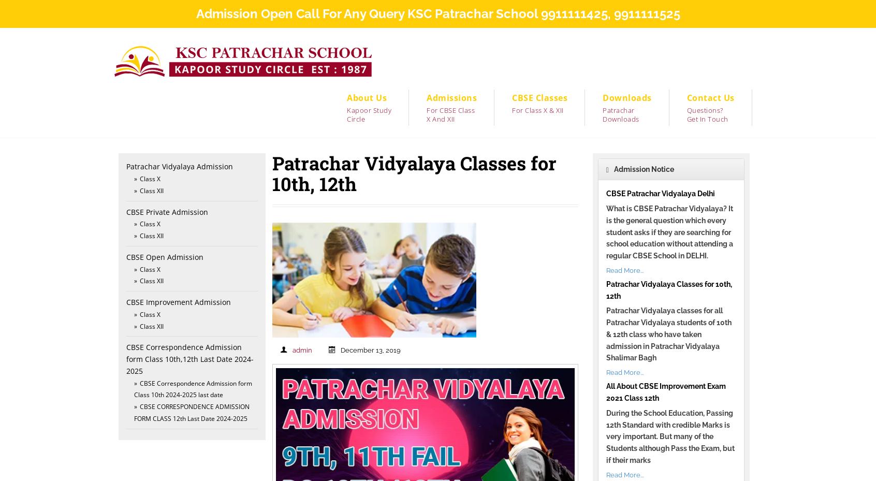 The width and height of the screenshot is (876, 481). What do you see at coordinates (665, 391) in the screenshot?
I see `'All About CBSE Improvement Exam 2021 Class 12th'` at bounding box center [665, 391].